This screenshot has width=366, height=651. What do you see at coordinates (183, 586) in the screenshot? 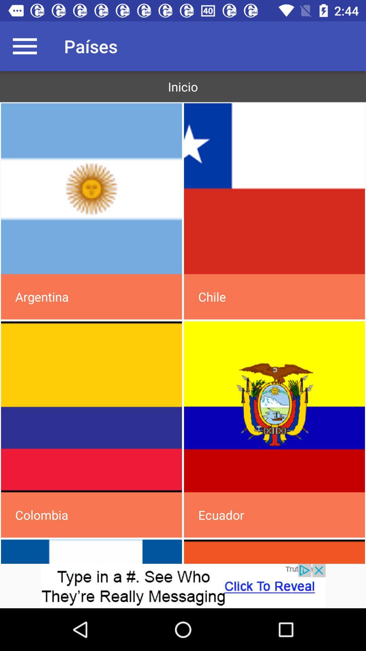
I see `remove add` at bounding box center [183, 586].